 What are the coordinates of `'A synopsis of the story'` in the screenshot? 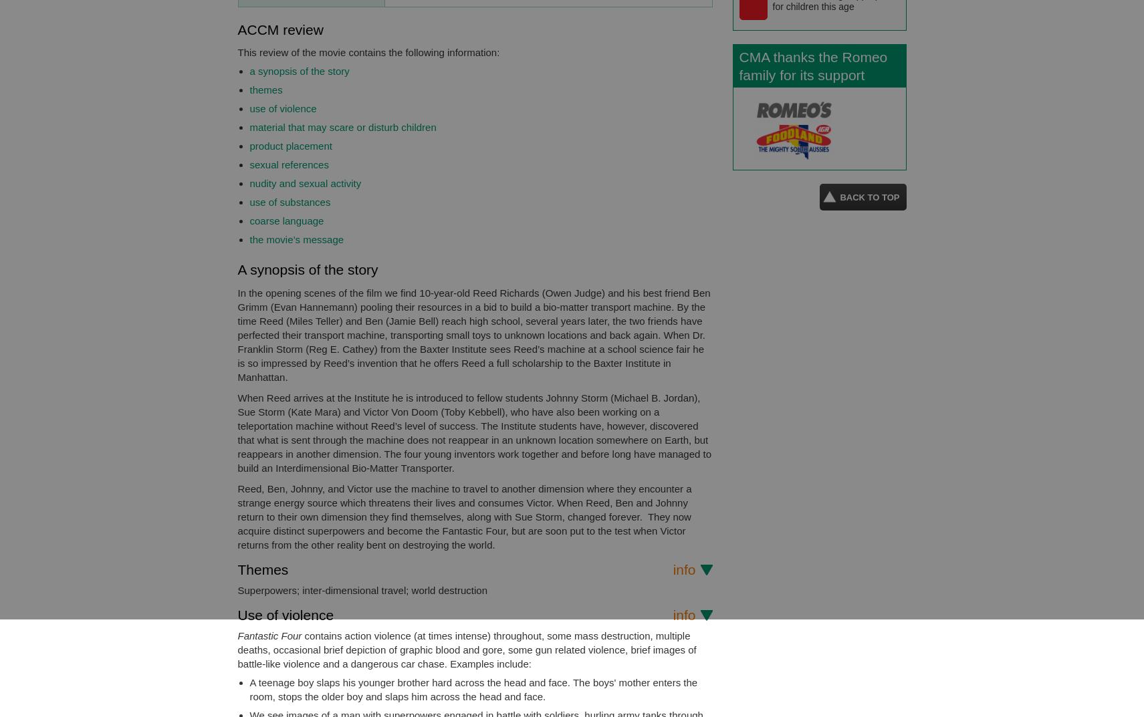 It's located at (307, 269).